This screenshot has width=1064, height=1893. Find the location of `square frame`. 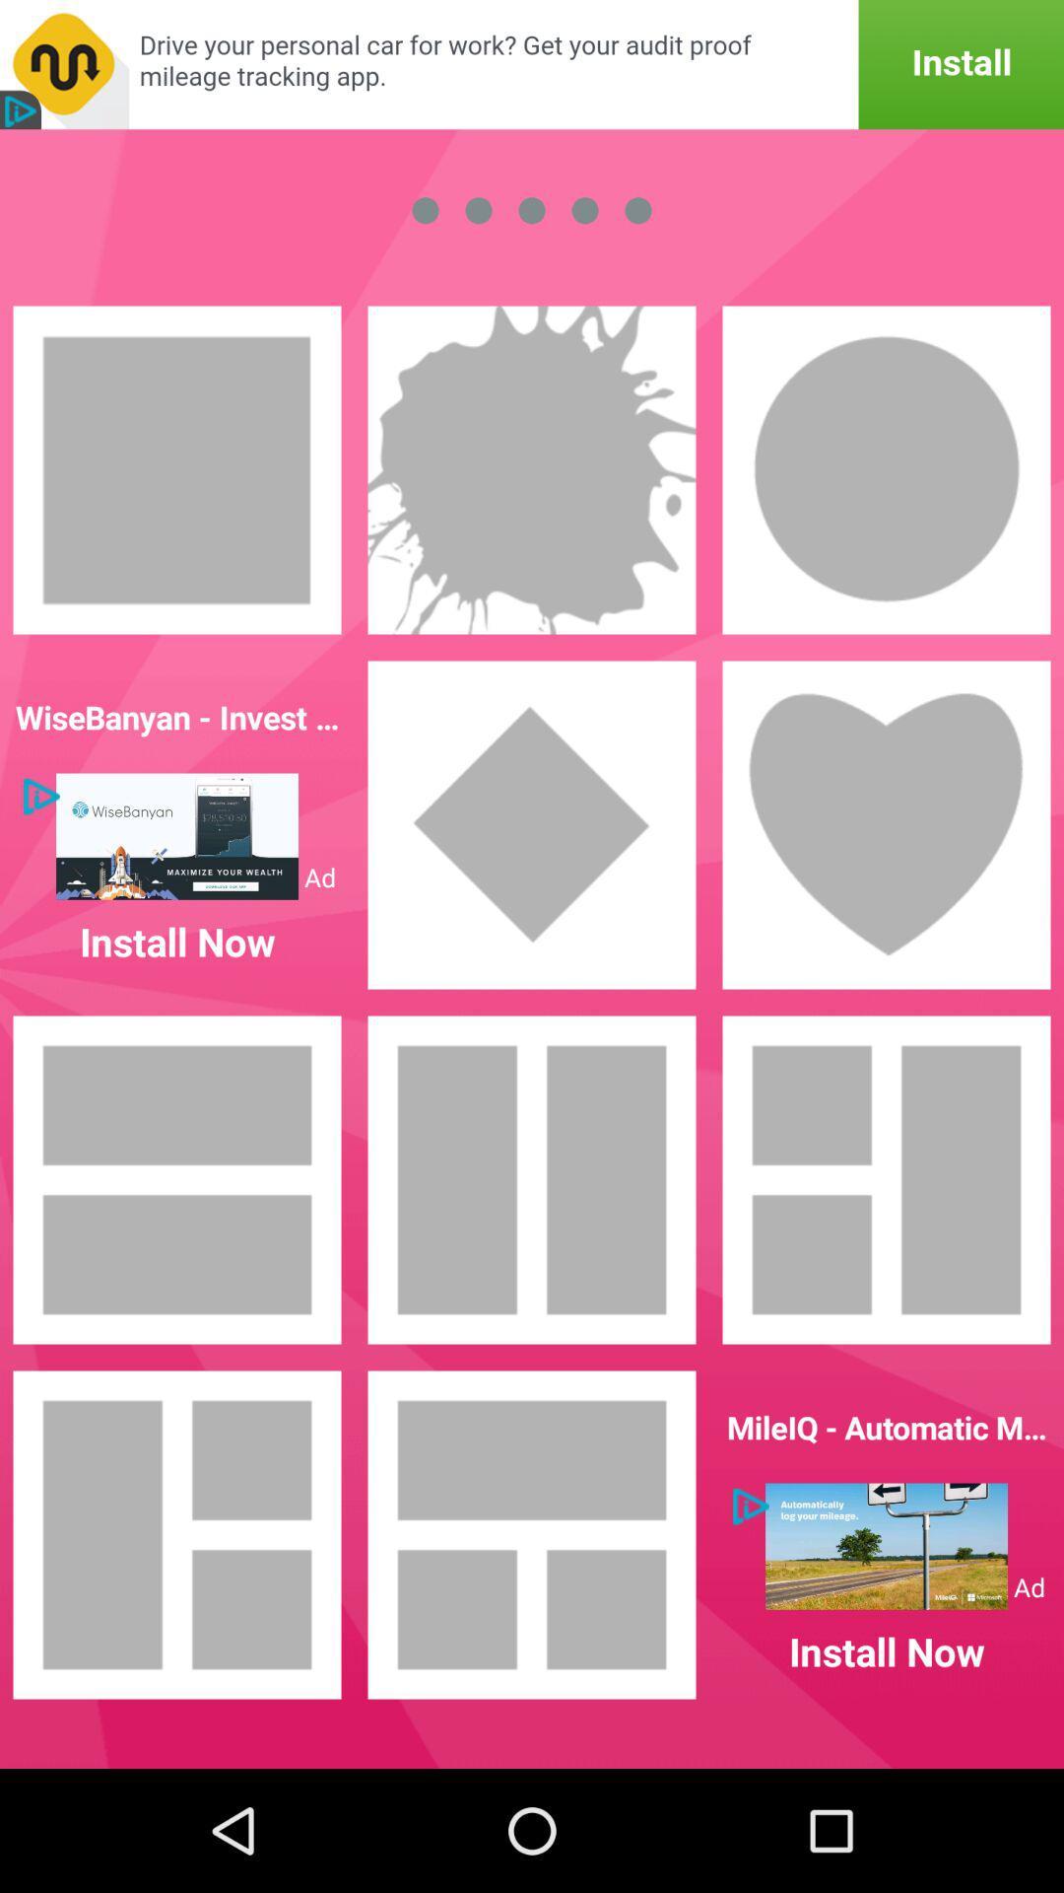

square frame is located at coordinates (177, 468).